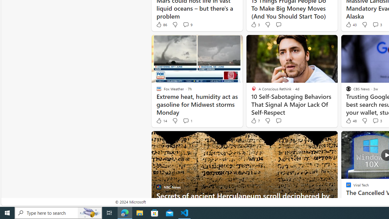 The image size is (389, 219). I want to click on 'View comments 9 Comment', so click(187, 24).